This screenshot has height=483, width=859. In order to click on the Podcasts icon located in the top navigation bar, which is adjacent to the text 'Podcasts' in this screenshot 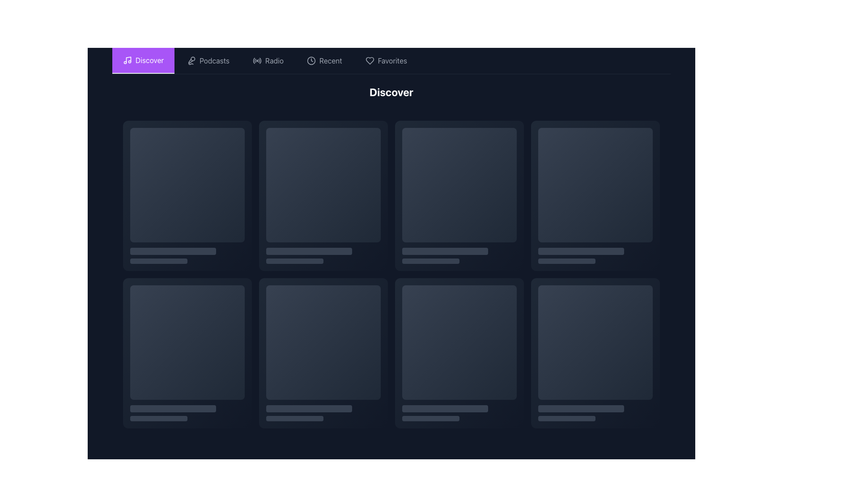, I will do `click(191, 60)`.